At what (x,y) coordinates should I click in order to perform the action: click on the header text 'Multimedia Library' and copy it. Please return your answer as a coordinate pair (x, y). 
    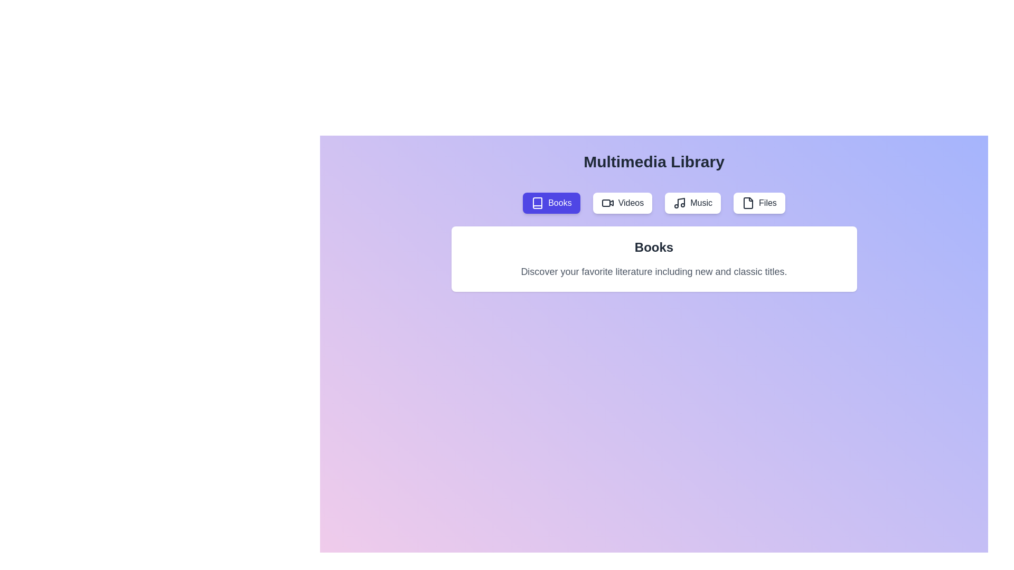
    Looking at the image, I should click on (583, 153).